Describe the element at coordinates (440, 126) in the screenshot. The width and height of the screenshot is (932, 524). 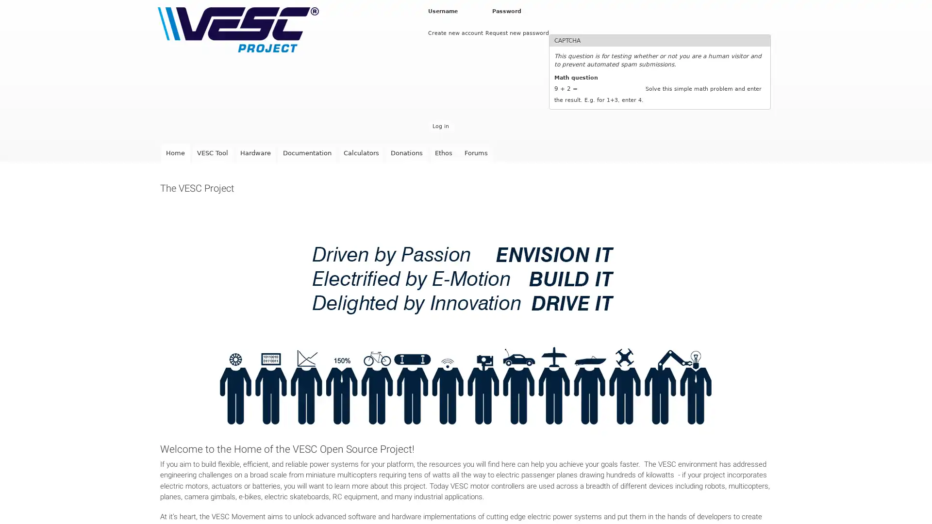
I see `Log in` at that location.